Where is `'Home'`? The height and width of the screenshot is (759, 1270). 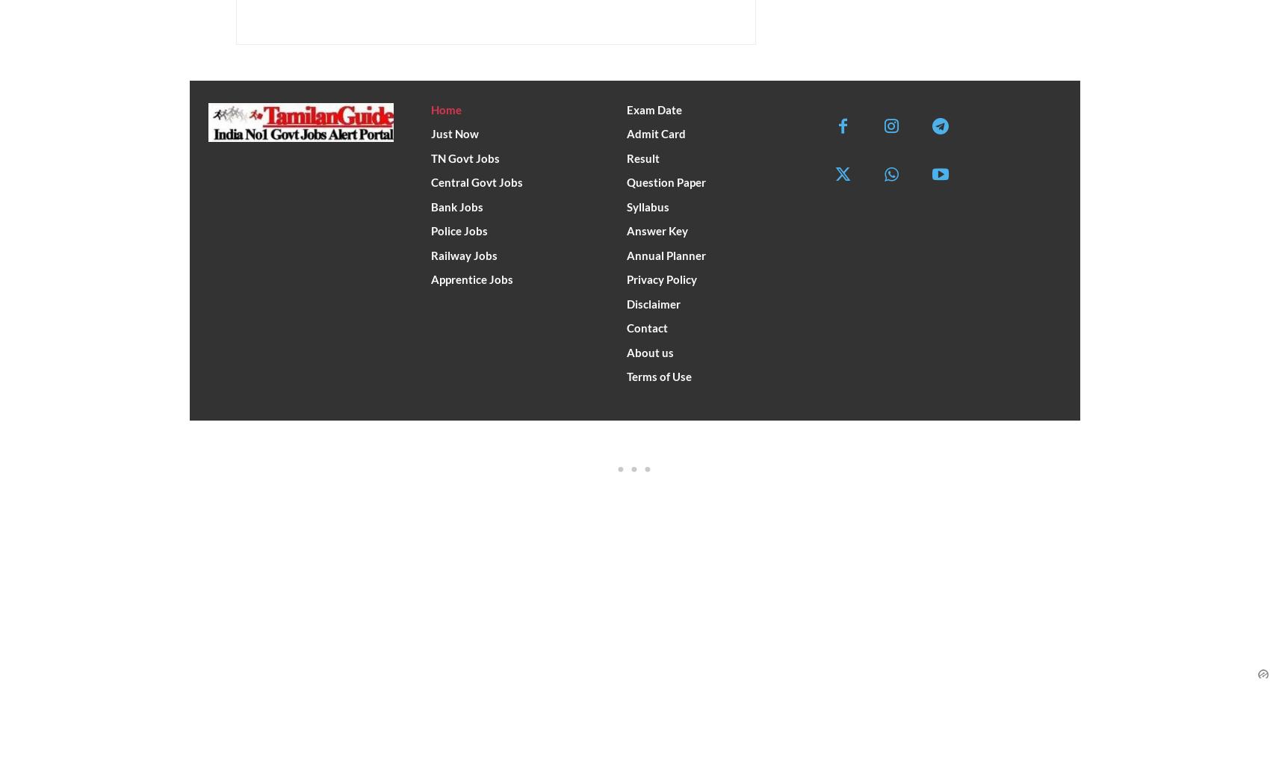 'Home' is located at coordinates (445, 108).